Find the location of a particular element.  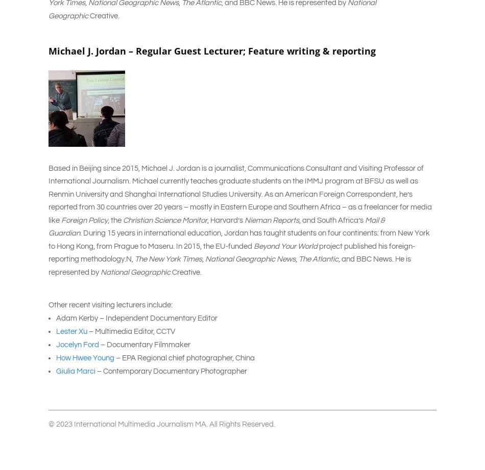

'– Multimedia Editor, CCTV' is located at coordinates (87, 331).